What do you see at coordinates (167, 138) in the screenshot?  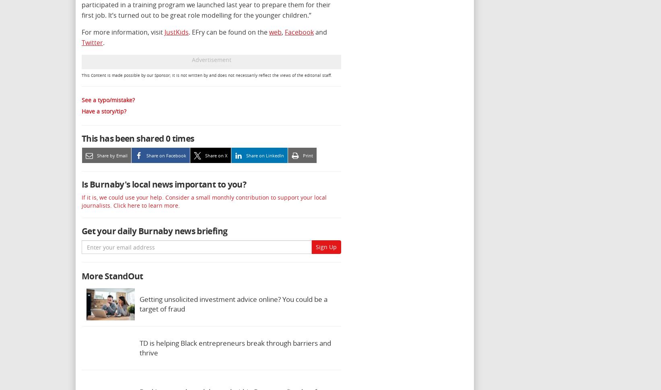 I see `'0'` at bounding box center [167, 138].